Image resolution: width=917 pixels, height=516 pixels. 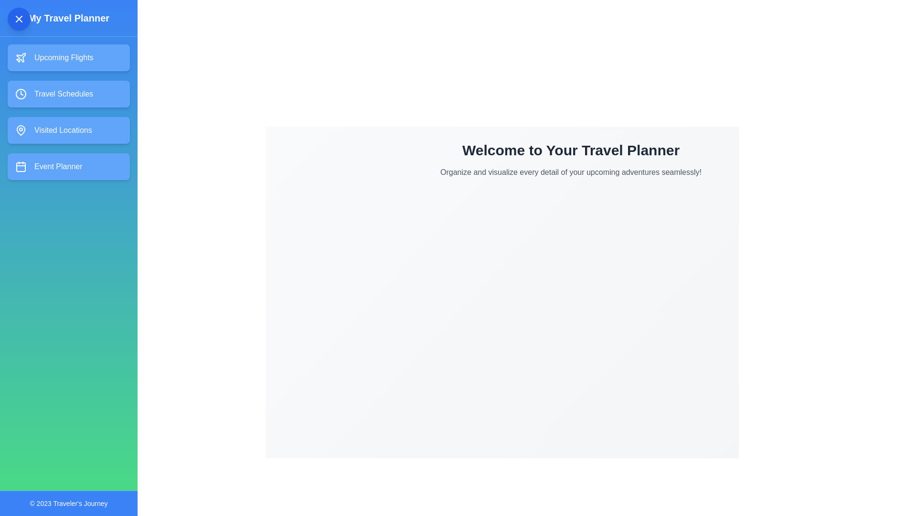 I want to click on the 'Event Planner' icon located in the vertical navigation bar on the left side of the interface, which is visually represented before the text 'Event Planner', so click(x=21, y=166).